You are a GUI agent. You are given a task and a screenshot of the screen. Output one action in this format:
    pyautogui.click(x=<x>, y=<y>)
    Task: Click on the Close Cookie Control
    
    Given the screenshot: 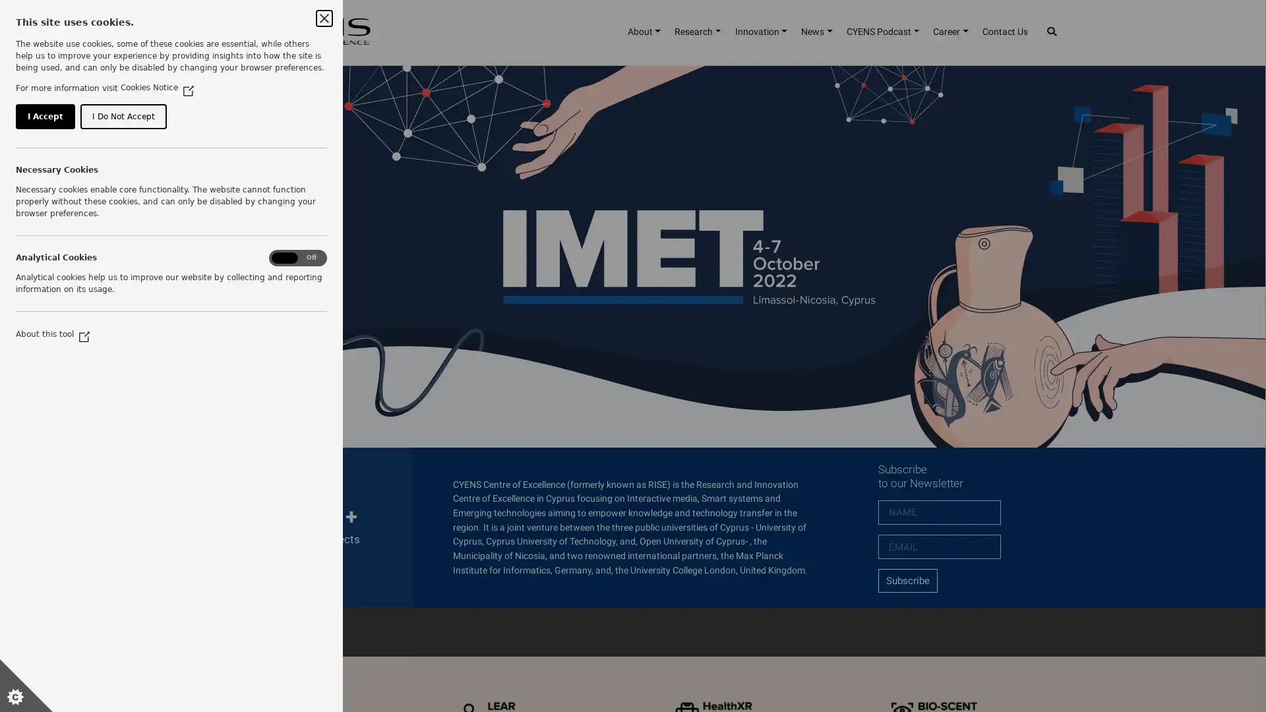 What is the action you would take?
    pyautogui.click(x=324, y=18)
    